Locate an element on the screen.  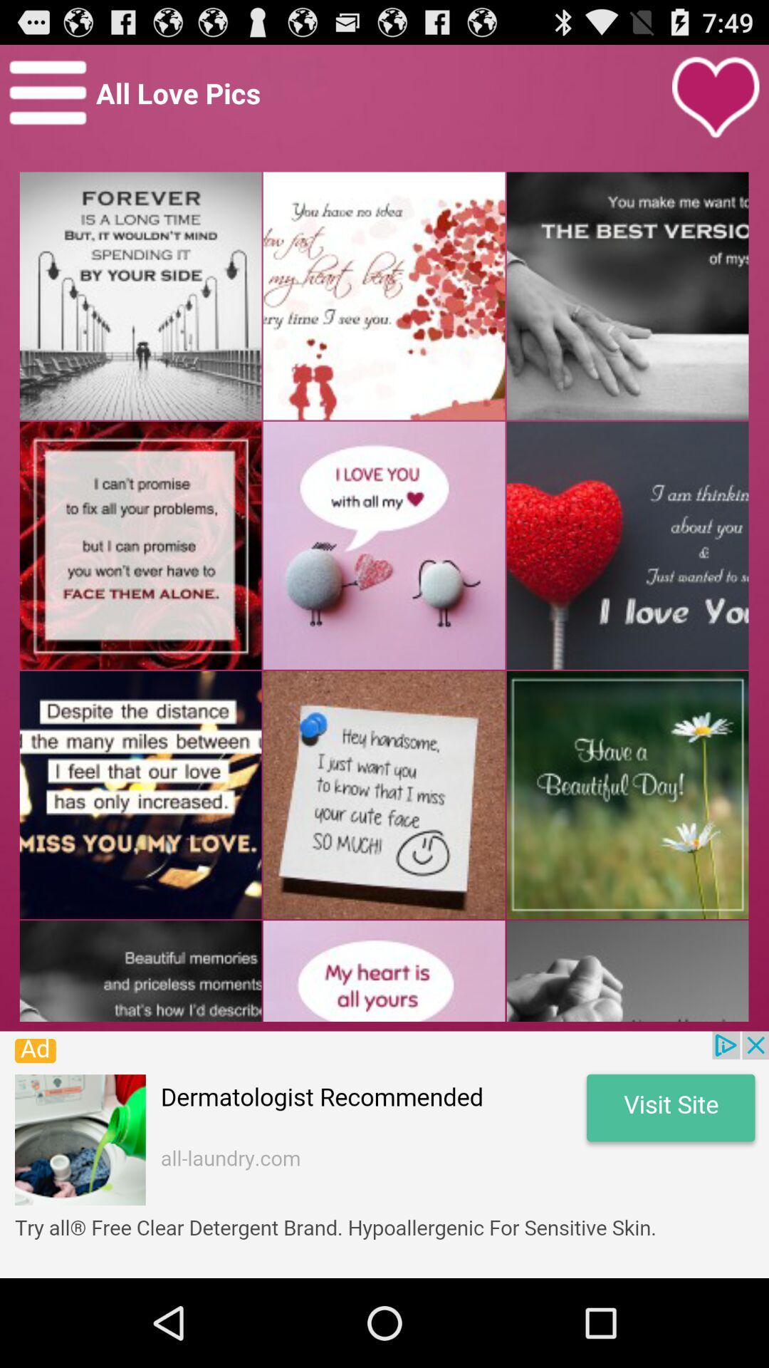
advertisement is located at coordinates (384, 1154).